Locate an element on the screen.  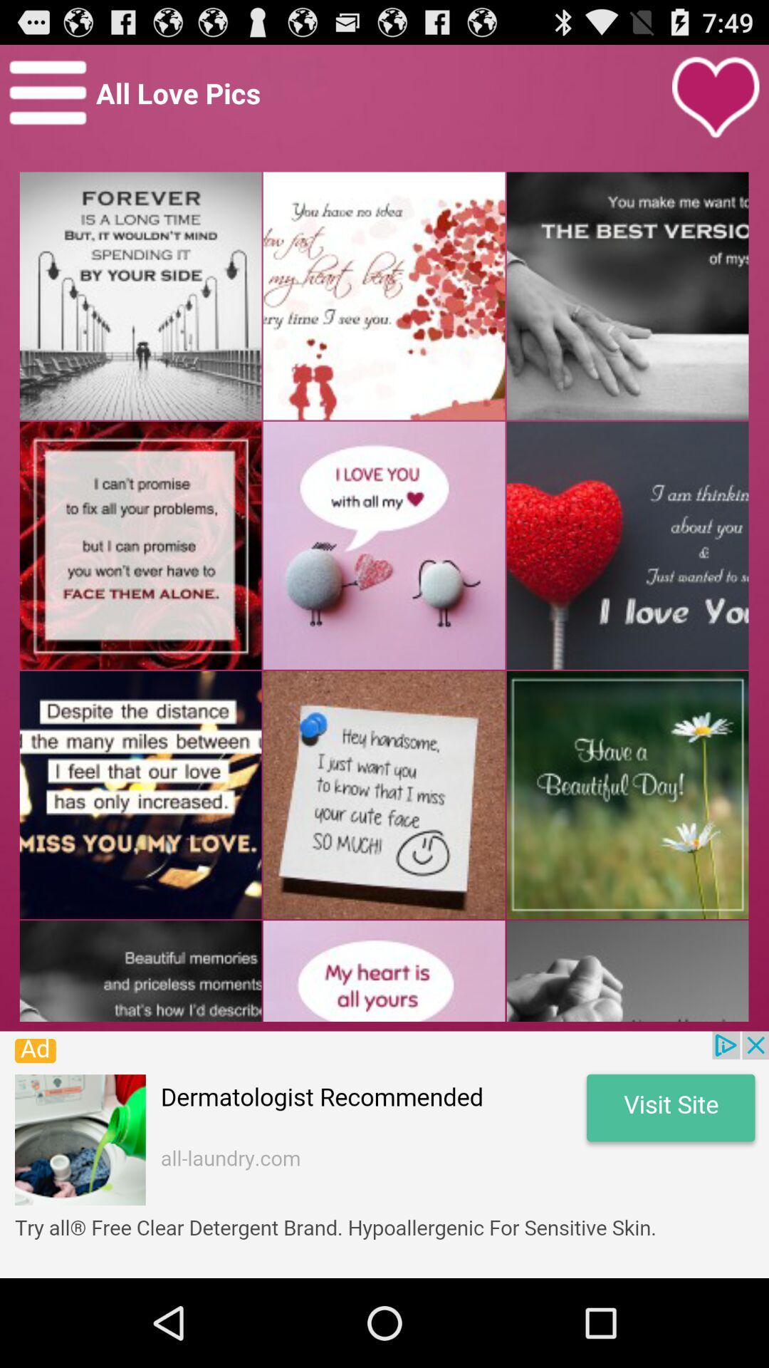
advertisement is located at coordinates (384, 1154).